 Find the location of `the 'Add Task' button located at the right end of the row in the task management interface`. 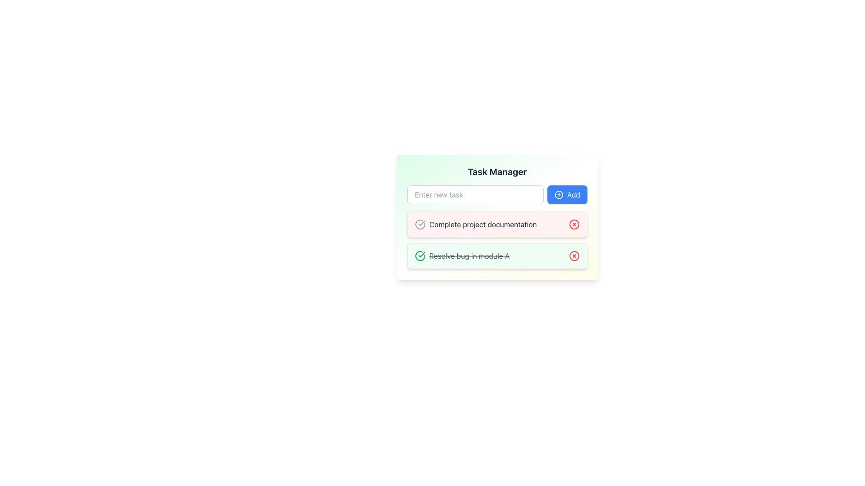

the 'Add Task' button located at the right end of the row in the task management interface is located at coordinates (567, 194).